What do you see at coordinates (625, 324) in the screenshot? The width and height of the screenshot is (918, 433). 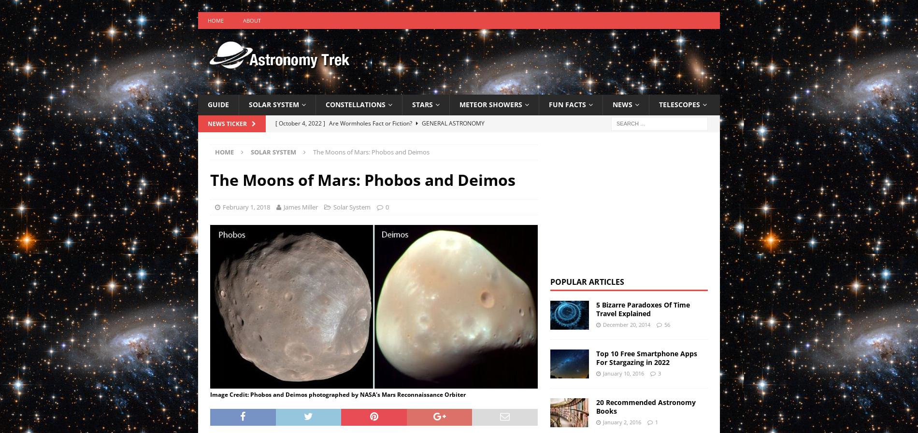 I see `'December 20, 2014'` at bounding box center [625, 324].